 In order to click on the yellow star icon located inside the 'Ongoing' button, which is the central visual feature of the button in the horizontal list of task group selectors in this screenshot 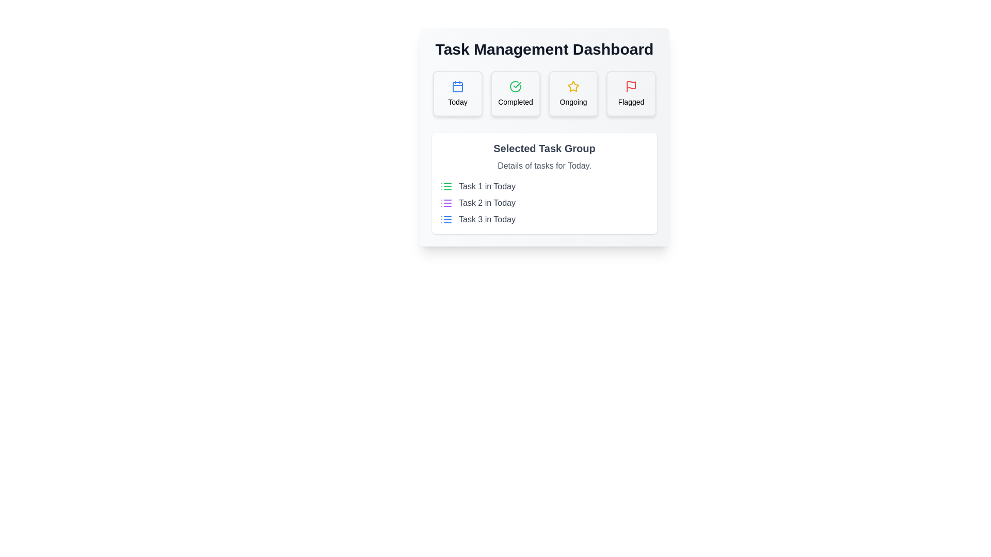, I will do `click(572, 86)`.